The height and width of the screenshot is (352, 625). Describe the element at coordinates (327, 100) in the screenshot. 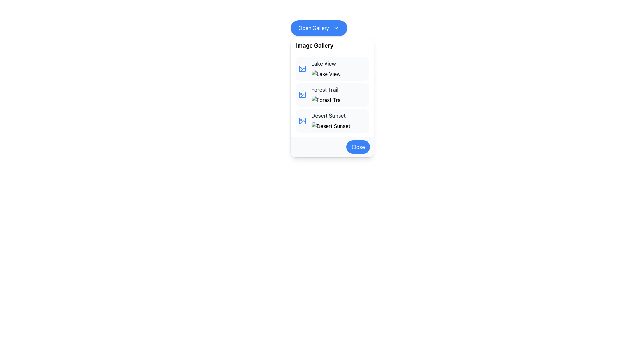

I see `the 'Forest Trail' entry image in the 'Image Gallery' dropdown, which is located below the 'Forest Trail' label and above 'Desert Sunset'` at that location.